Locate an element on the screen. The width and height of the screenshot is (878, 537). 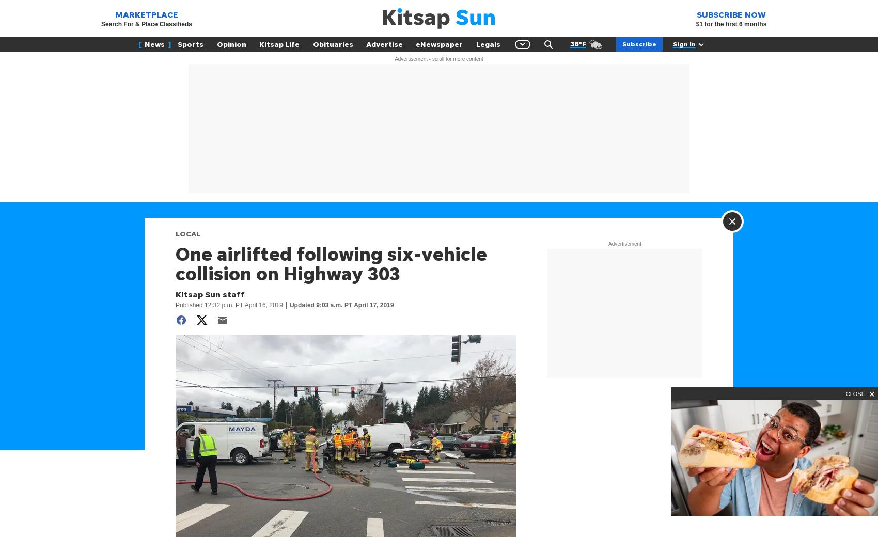
'One airlifted following six-vehicle collision on Highway 303' is located at coordinates (331, 263).